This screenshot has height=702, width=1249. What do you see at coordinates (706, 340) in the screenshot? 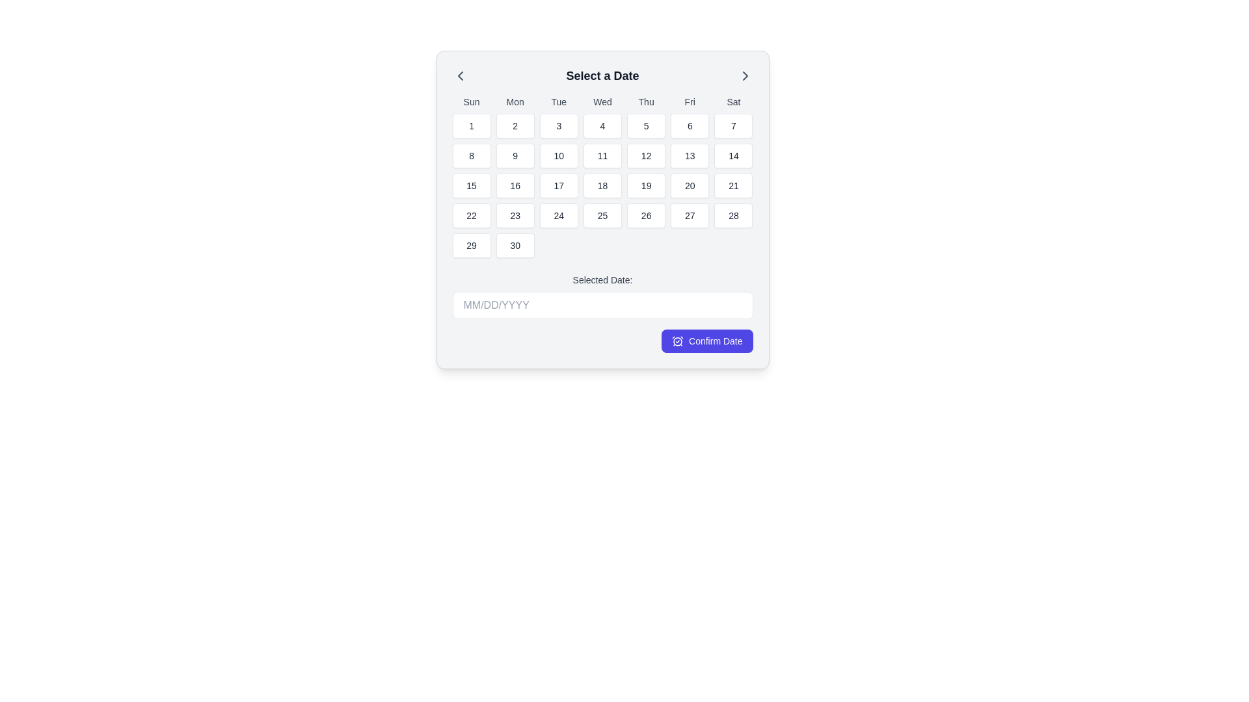
I see `the confirm button located at the bottom-right corner of the date selection modal to confirm the selected date` at bounding box center [706, 340].